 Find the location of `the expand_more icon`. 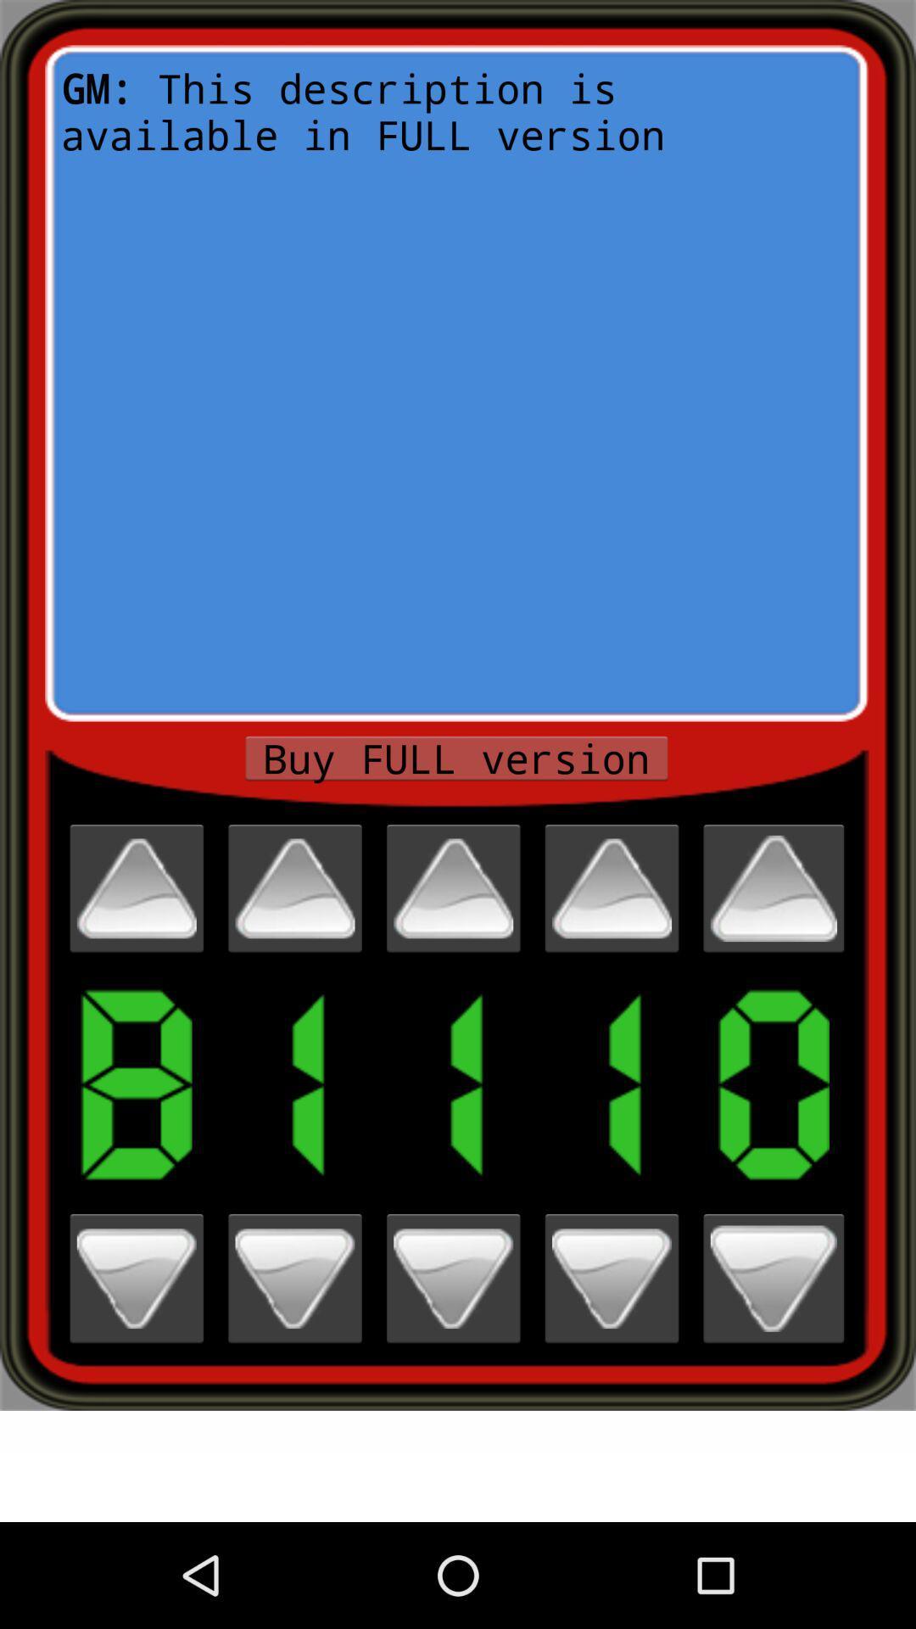

the expand_more icon is located at coordinates (774, 1368).